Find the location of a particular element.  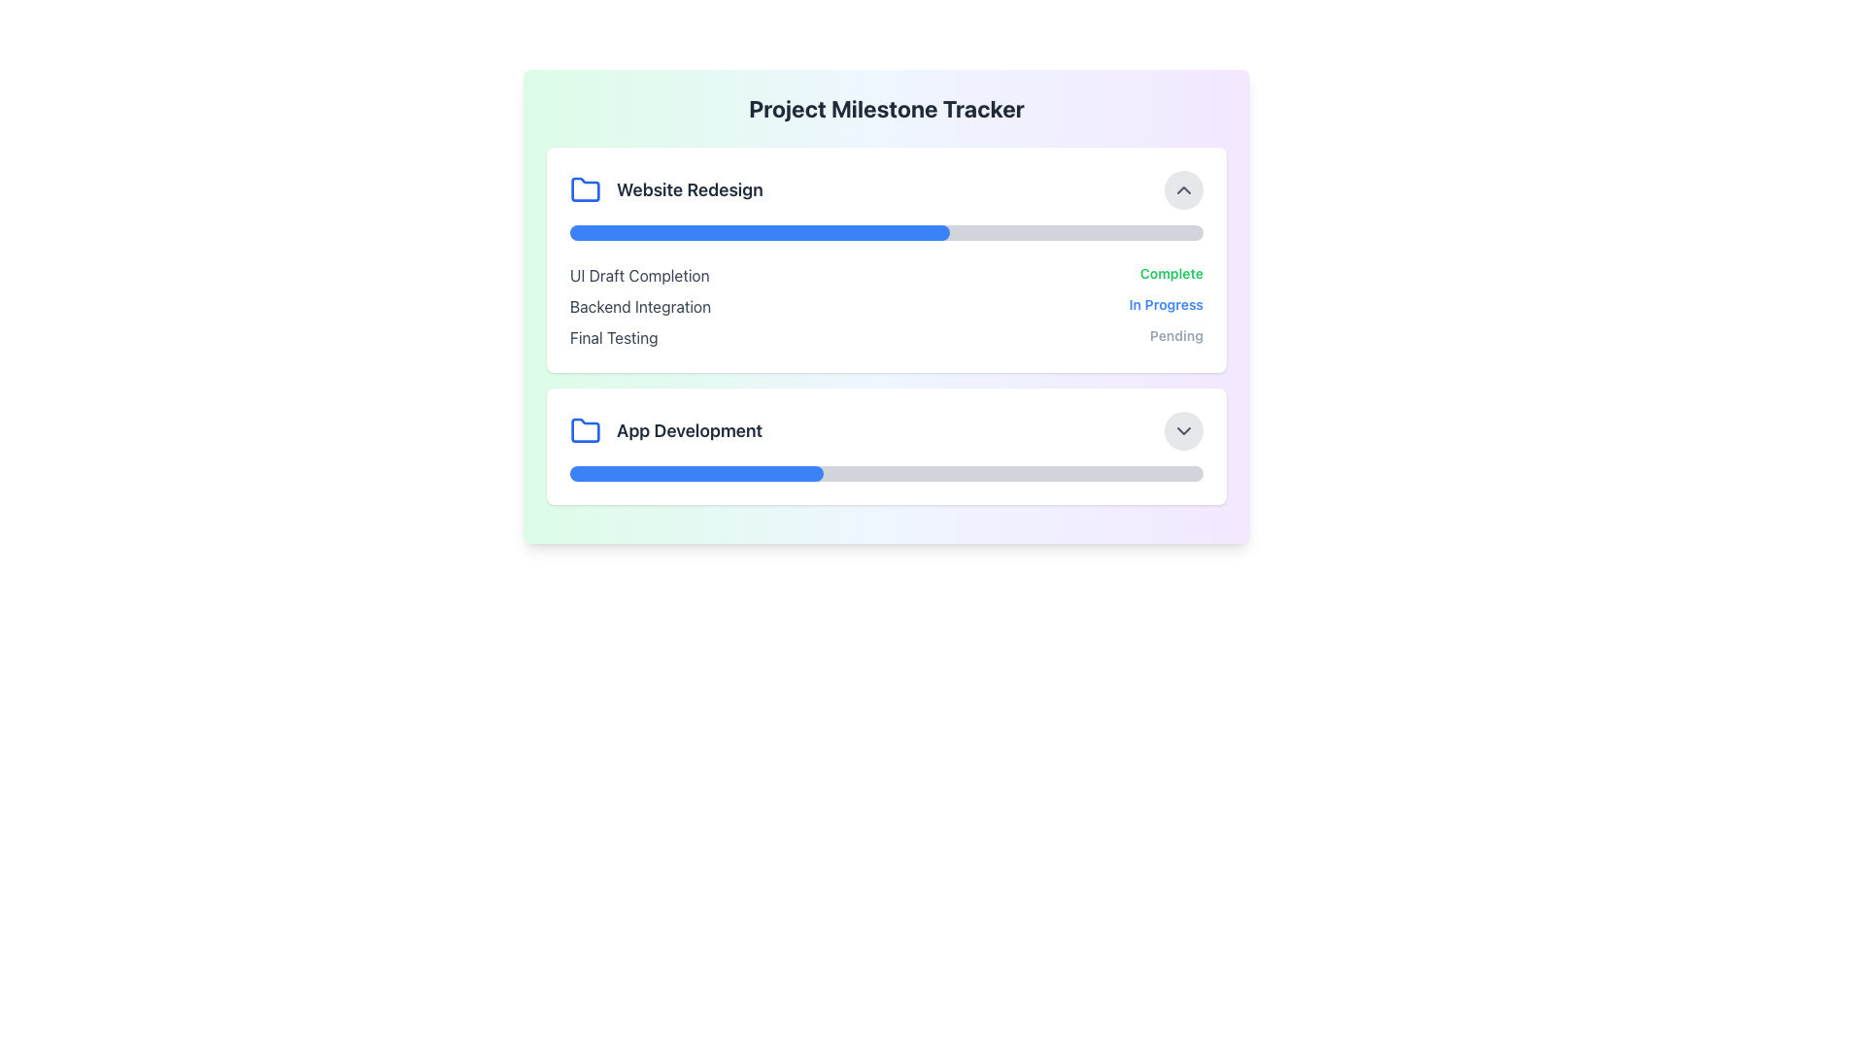

status of the milestones displayed in the vertically stacked rows of the status overview component, which includes 'UI Draft Completion', 'Backend Integration', and 'Final Testing' is located at coordinates (885, 306).